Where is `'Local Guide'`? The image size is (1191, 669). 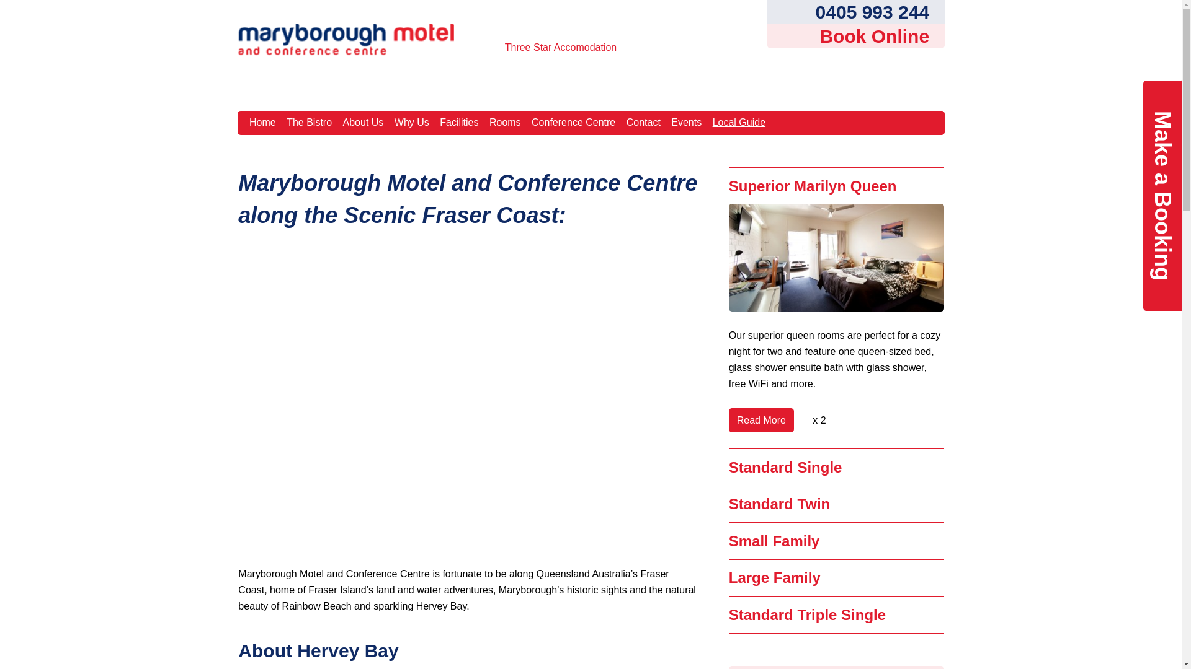 'Local Guide' is located at coordinates (738, 123).